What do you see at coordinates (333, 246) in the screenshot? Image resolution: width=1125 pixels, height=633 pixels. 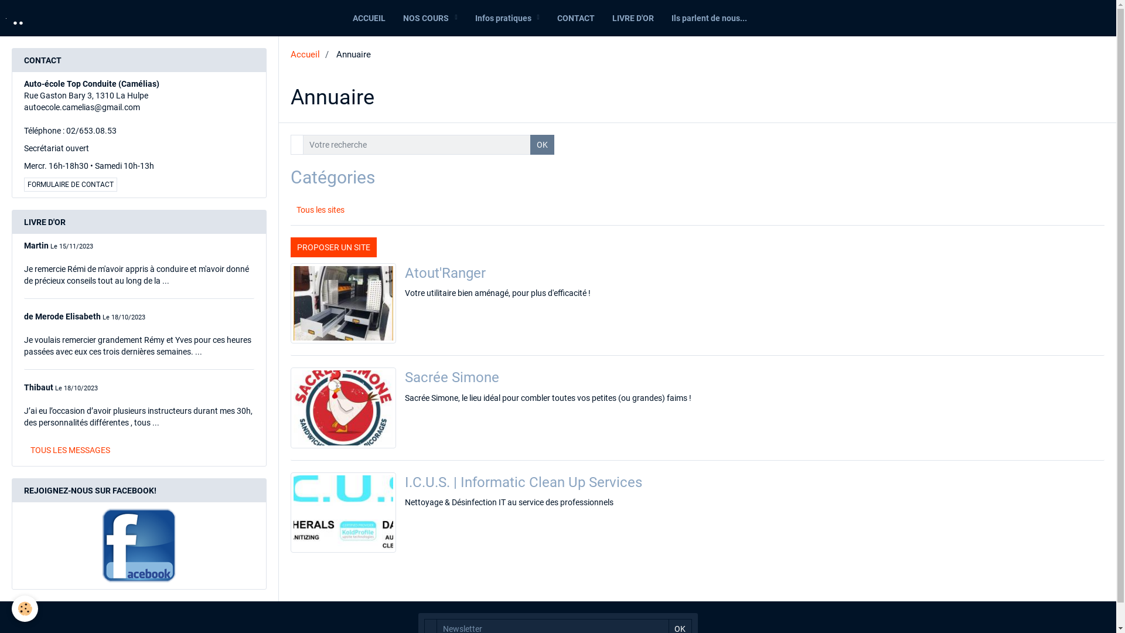 I see `'PROPOSER UN SITE'` at bounding box center [333, 246].